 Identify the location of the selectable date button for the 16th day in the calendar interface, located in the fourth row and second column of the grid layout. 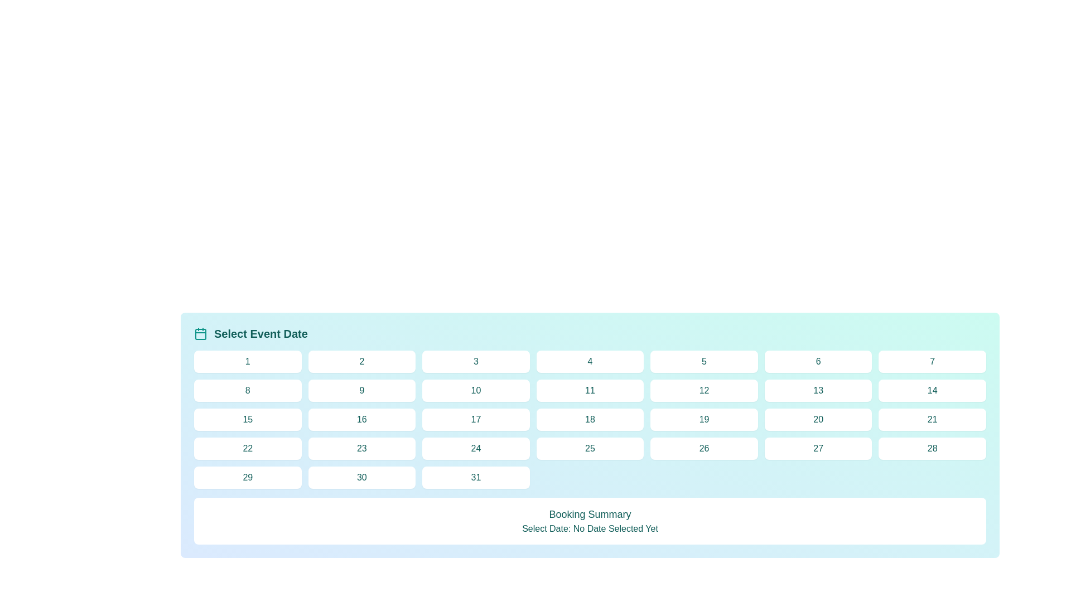
(361, 419).